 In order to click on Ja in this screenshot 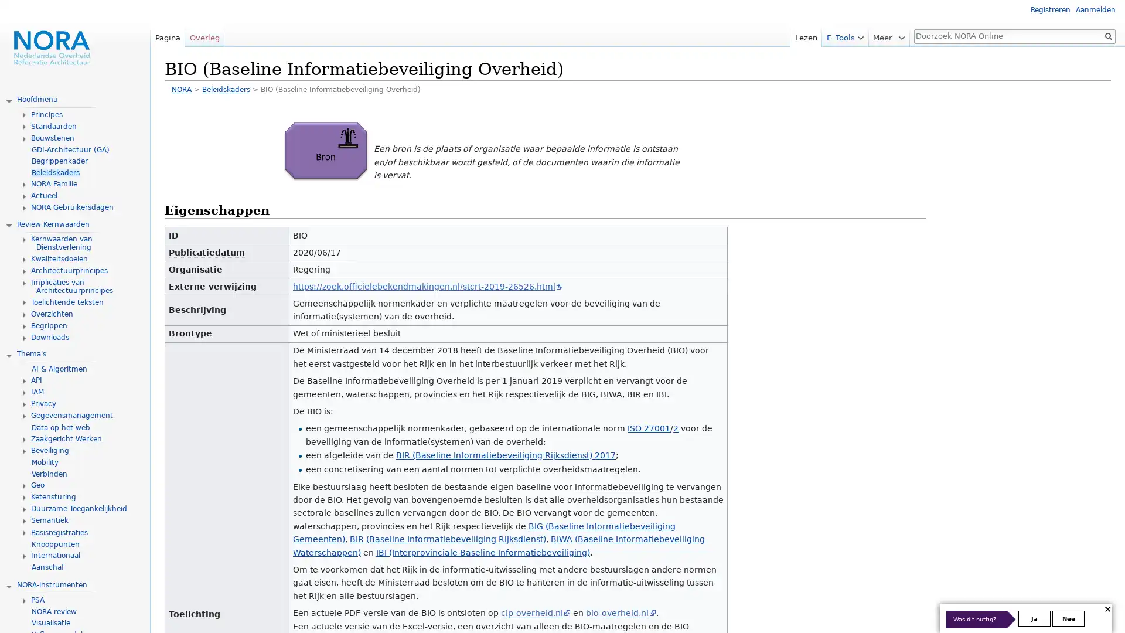, I will do `click(1034, 618)`.